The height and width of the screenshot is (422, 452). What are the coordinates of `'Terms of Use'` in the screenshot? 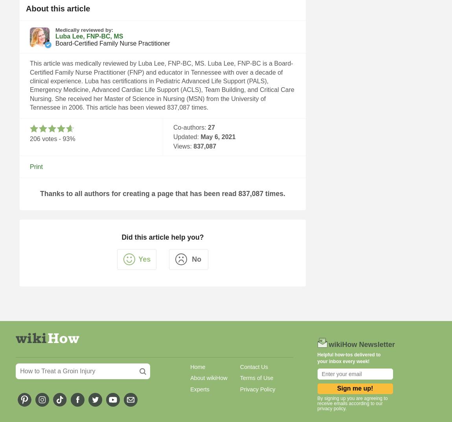 It's located at (239, 378).